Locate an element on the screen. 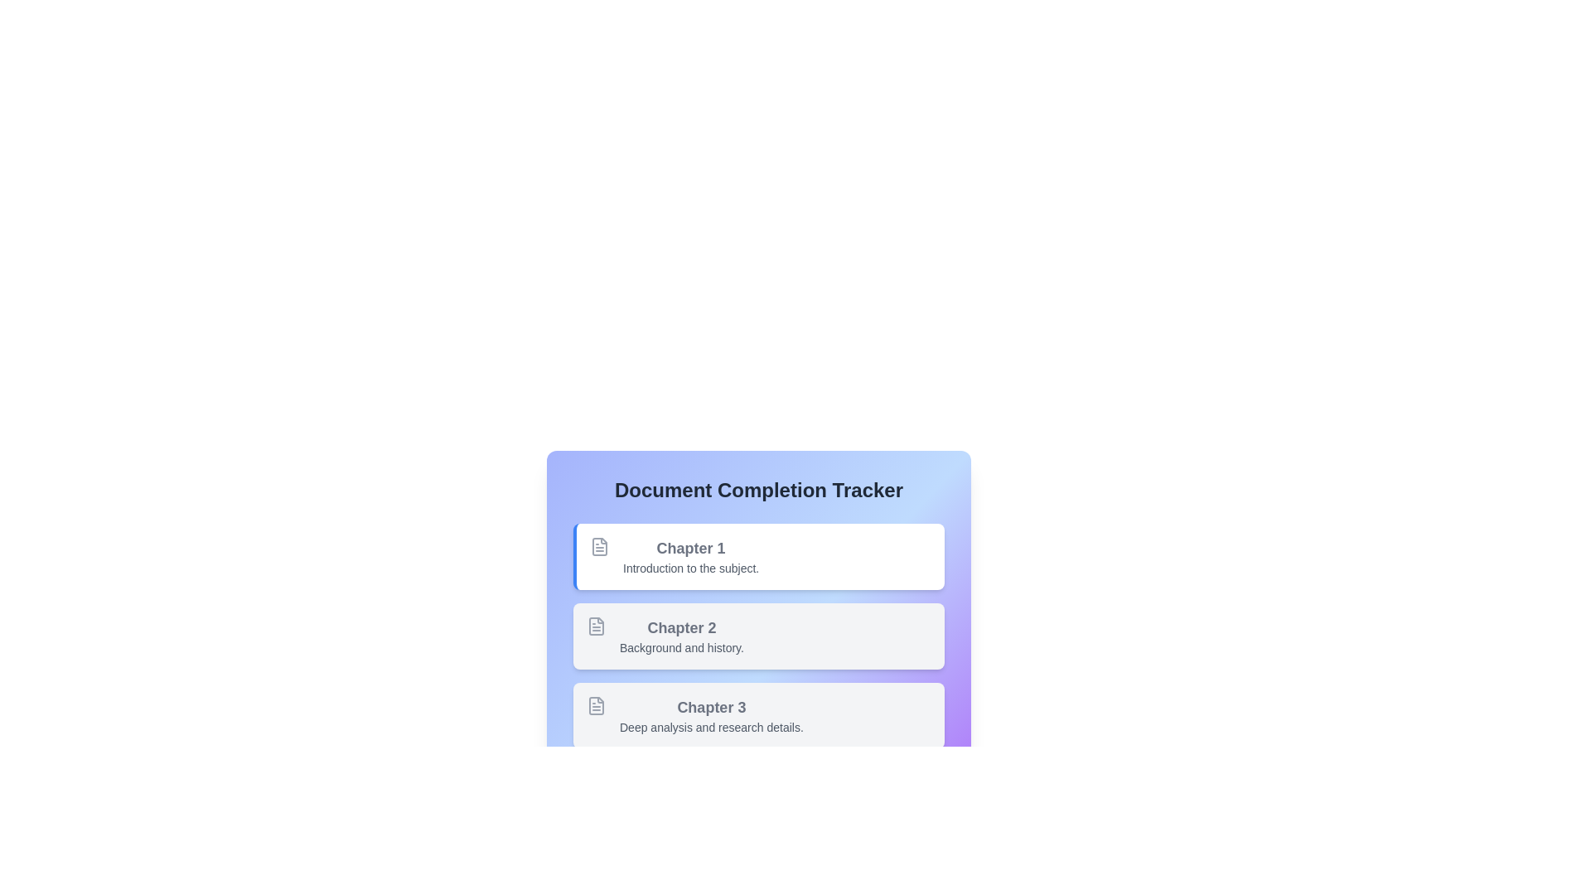 The height and width of the screenshot is (895, 1591). the Text Label that indicates the title or heading for a specific chapter, positioned above the descriptive text 'Deep analysis and research details.' is located at coordinates (711, 707).